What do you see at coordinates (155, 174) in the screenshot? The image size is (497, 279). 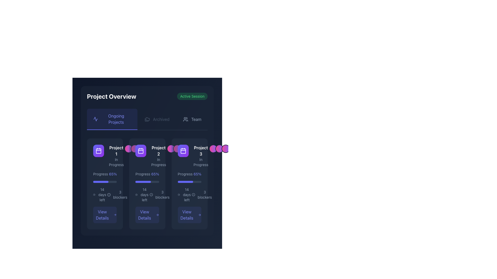 I see `progress percentage displayed in the static text label located on the right side of the 'Progress' label within the 'Project 2' card` at bounding box center [155, 174].